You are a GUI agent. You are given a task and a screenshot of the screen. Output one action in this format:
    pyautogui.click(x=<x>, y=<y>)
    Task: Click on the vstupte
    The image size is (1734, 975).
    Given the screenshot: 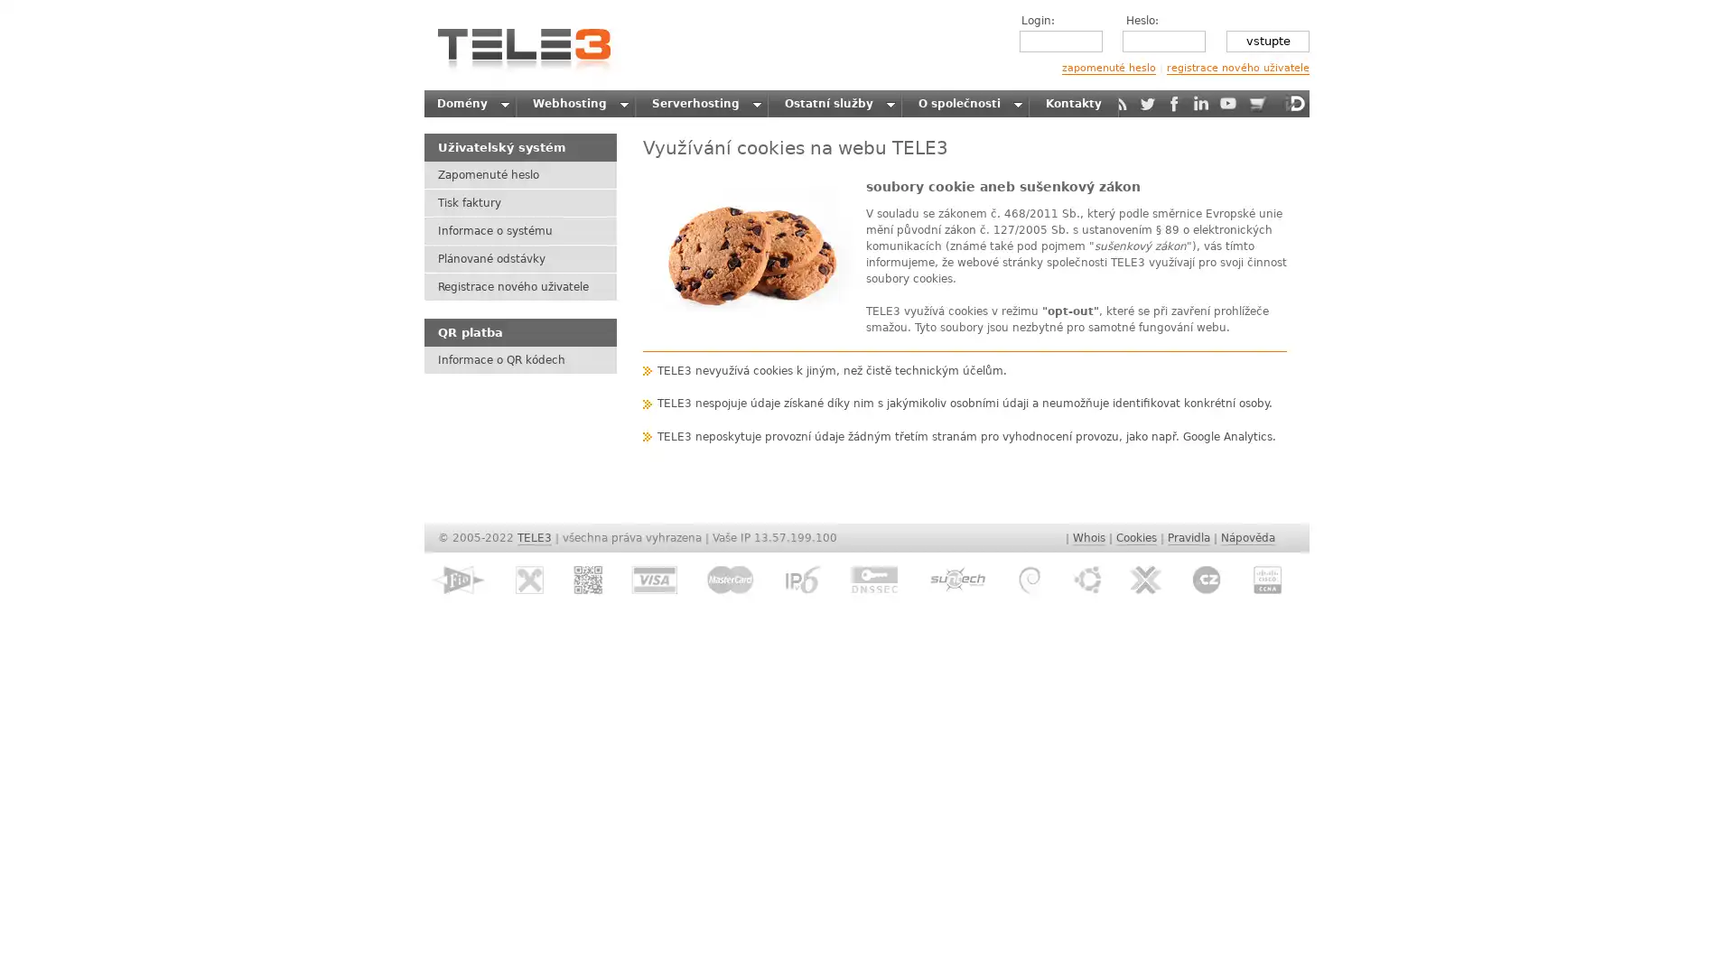 What is the action you would take?
    pyautogui.click(x=1266, y=41)
    